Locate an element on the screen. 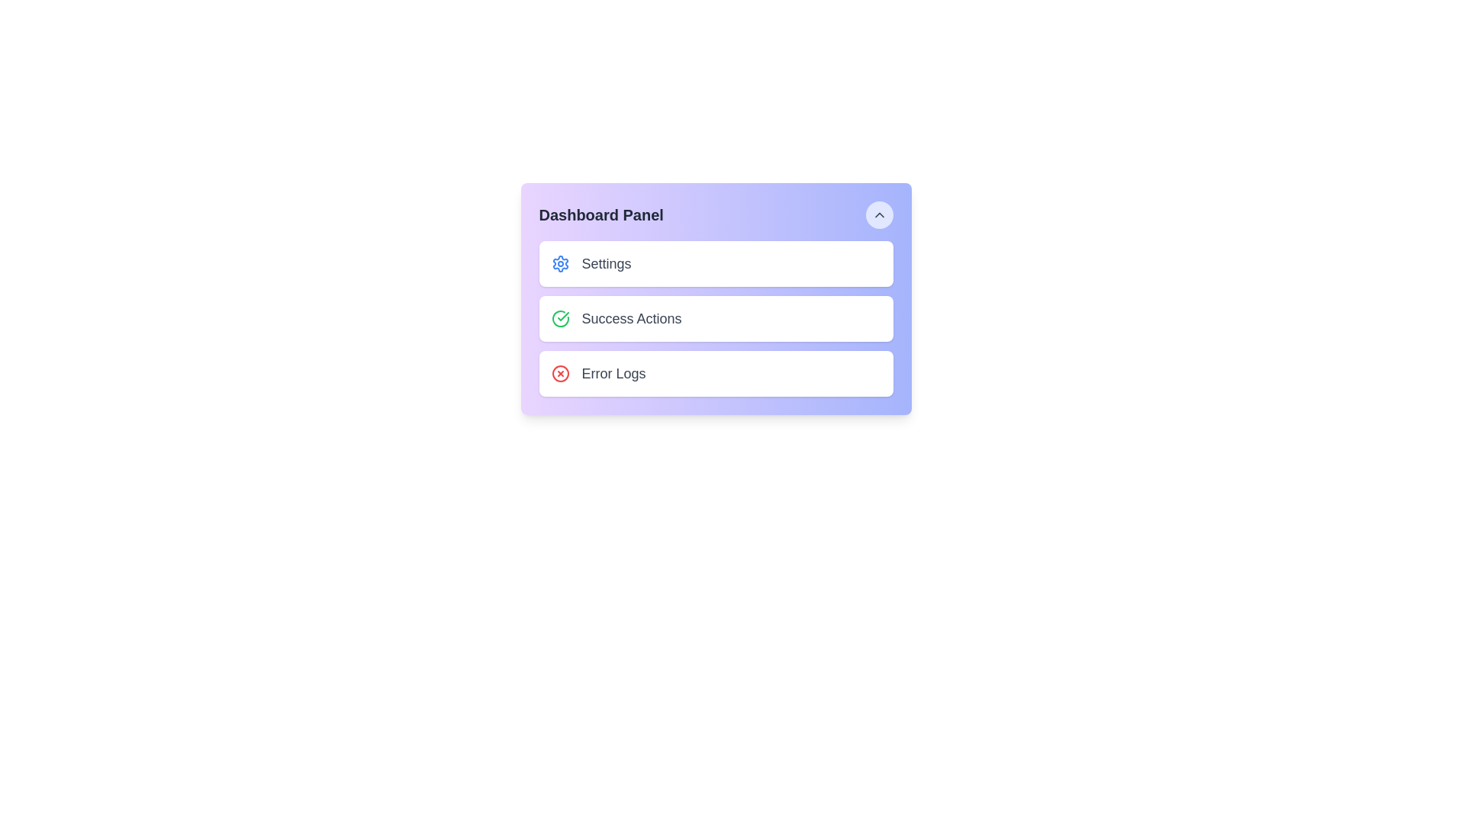  the text label displaying 'Success Actions' within the 'Dashboard Panel', which is styled in gray and located to the right of the green check icon is located at coordinates (632, 317).